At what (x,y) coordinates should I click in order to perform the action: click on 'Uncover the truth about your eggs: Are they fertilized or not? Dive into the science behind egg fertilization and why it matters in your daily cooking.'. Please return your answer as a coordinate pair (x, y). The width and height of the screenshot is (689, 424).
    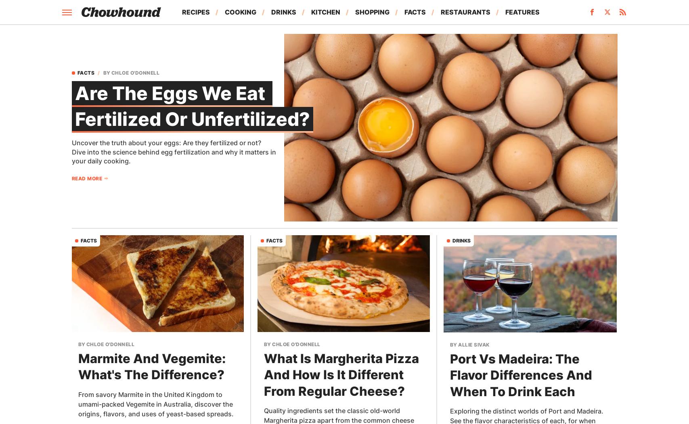
    Looking at the image, I should click on (173, 151).